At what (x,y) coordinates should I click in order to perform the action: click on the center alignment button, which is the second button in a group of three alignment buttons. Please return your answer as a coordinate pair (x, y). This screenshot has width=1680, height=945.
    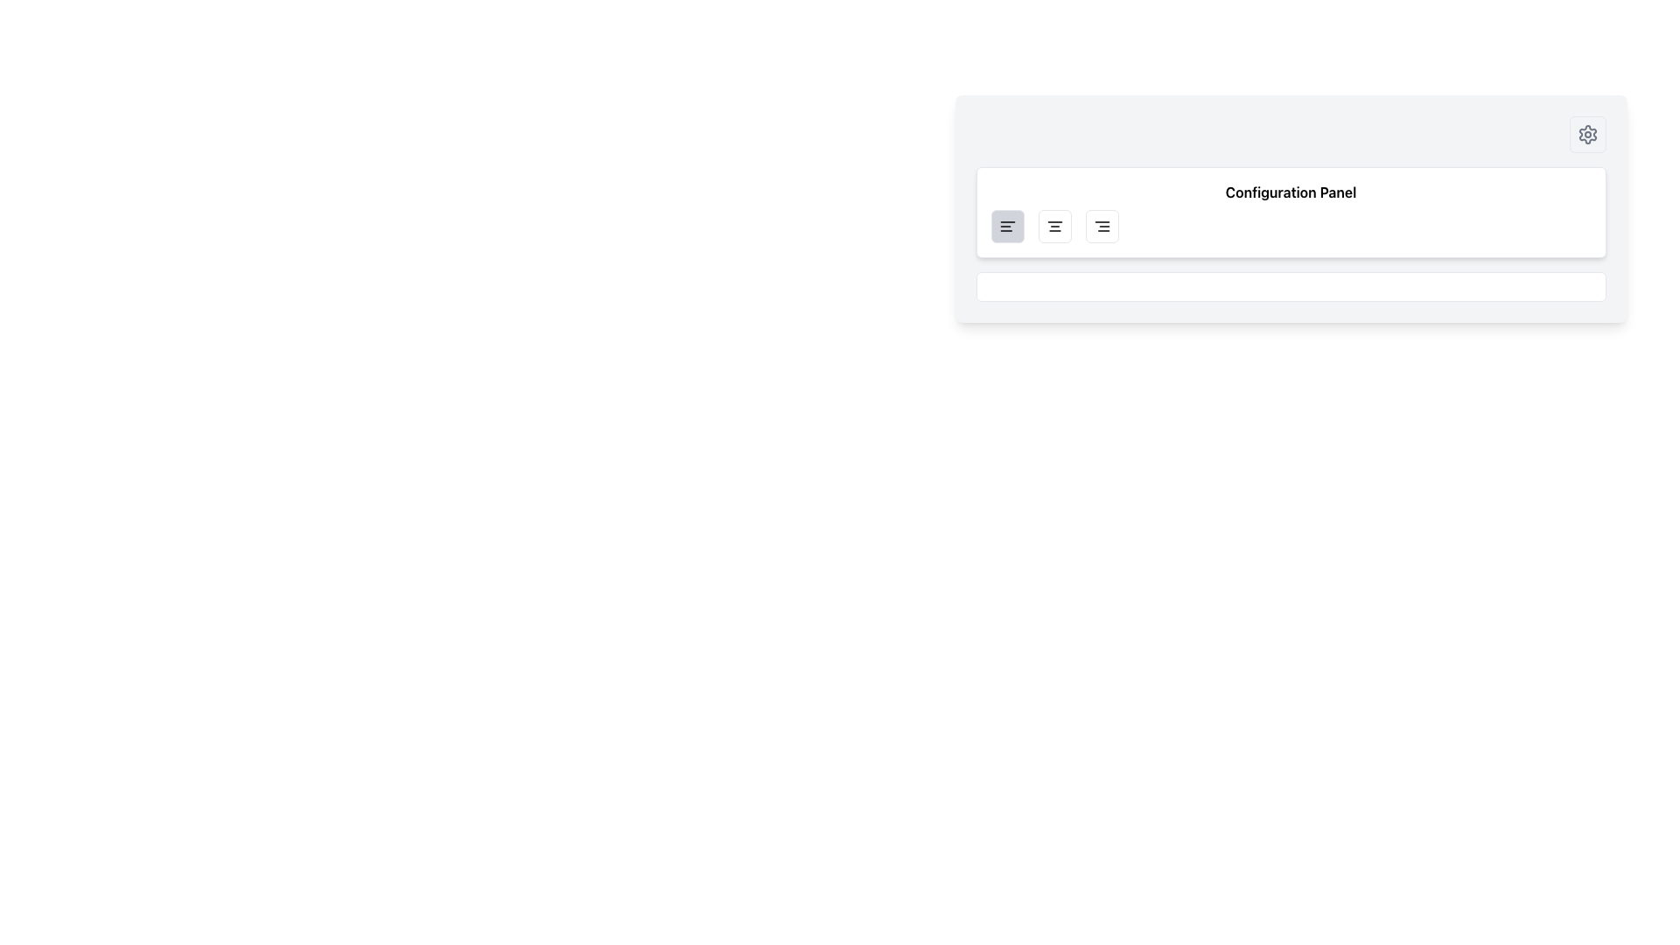
    Looking at the image, I should click on (1053, 225).